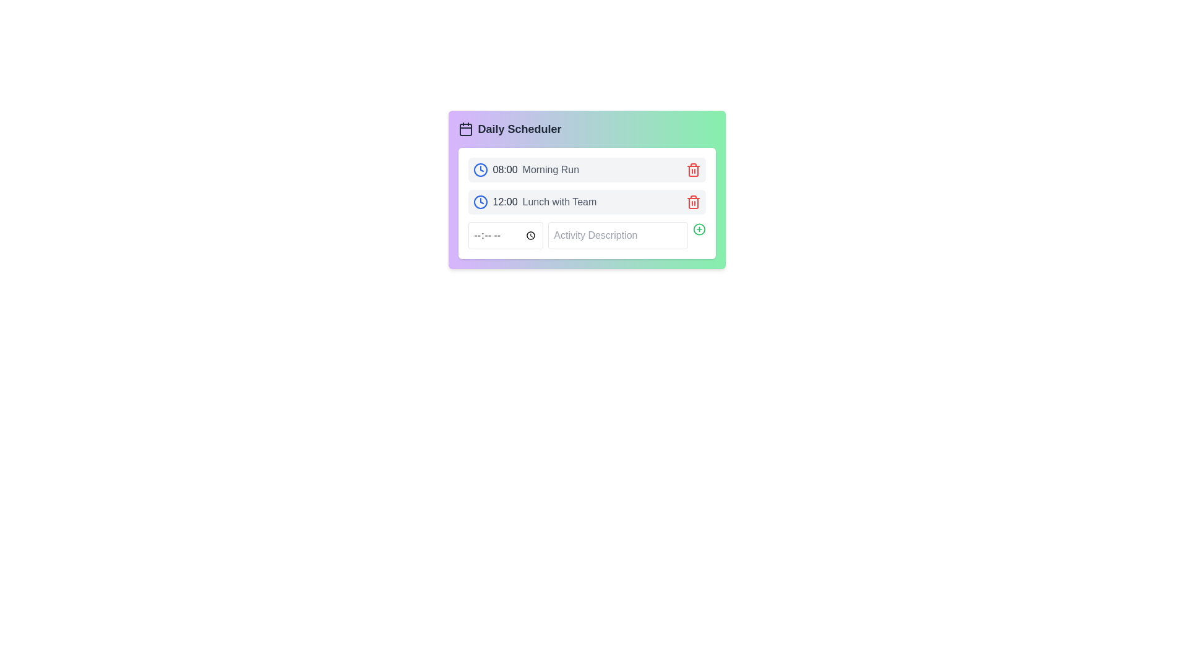 The image size is (1188, 668). I want to click on the text label displaying 'Morning Run', which is located to the right of the time label '08:00' and before the delete icon, so click(550, 169).